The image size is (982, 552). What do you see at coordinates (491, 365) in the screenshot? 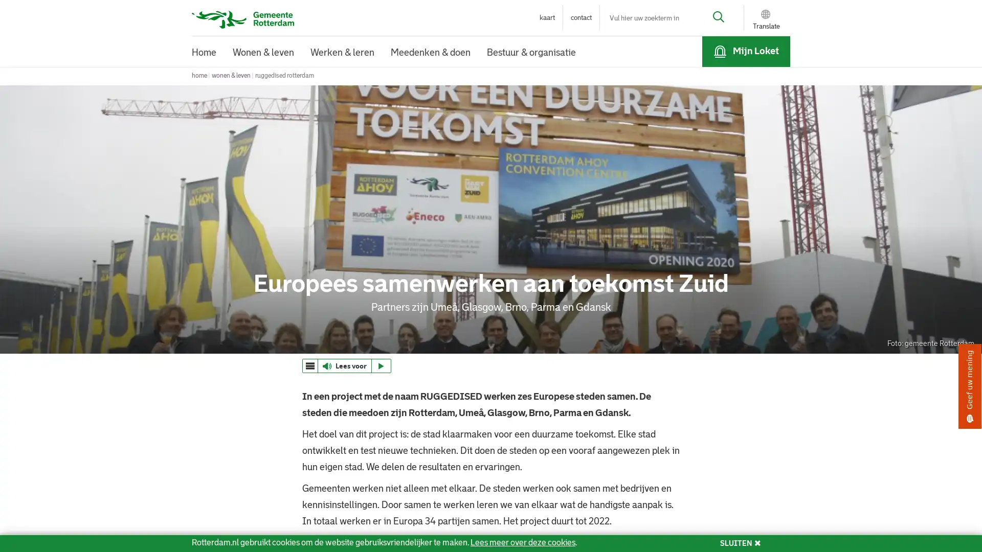
I see `webReader menu ReadSpeaker webReader: Luister met webReader` at bounding box center [491, 365].